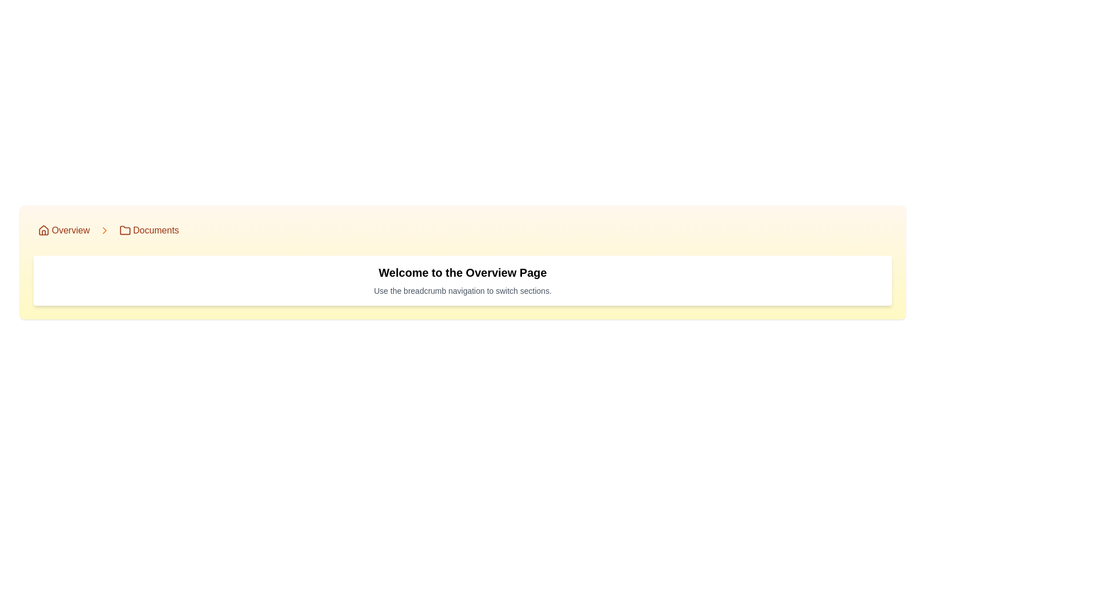 The image size is (1093, 615). What do you see at coordinates (125, 231) in the screenshot?
I see `the static decorative SVG icon representing a folder located in the breadcrumb navigation bar, positioned immediately to the left of the 'Documents' text` at bounding box center [125, 231].